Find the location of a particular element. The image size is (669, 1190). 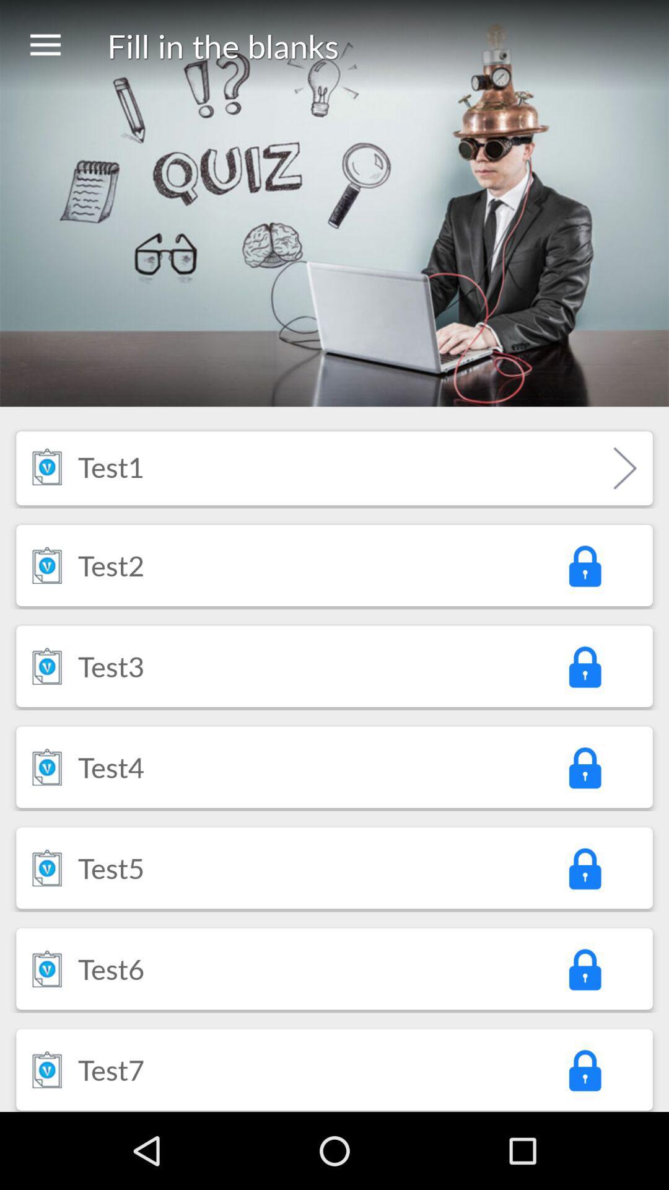

icon next to the fill in the item is located at coordinates (45, 45).